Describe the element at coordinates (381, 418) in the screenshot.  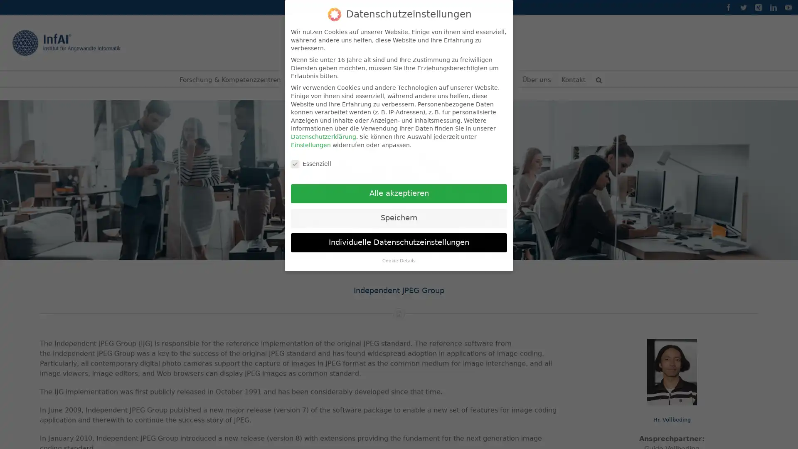
I see `Speichern` at that location.